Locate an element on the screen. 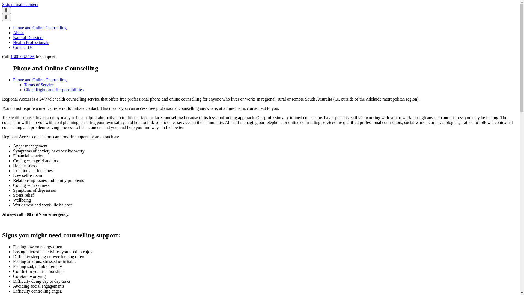 The height and width of the screenshot is (295, 524). 'Contact Us' is located at coordinates (22, 47).